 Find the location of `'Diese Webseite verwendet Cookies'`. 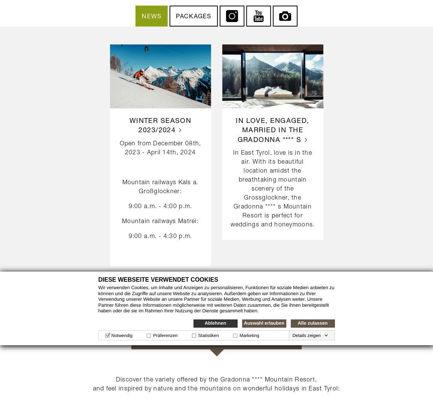

'Diese Webseite verwendet Cookies' is located at coordinates (158, 279).